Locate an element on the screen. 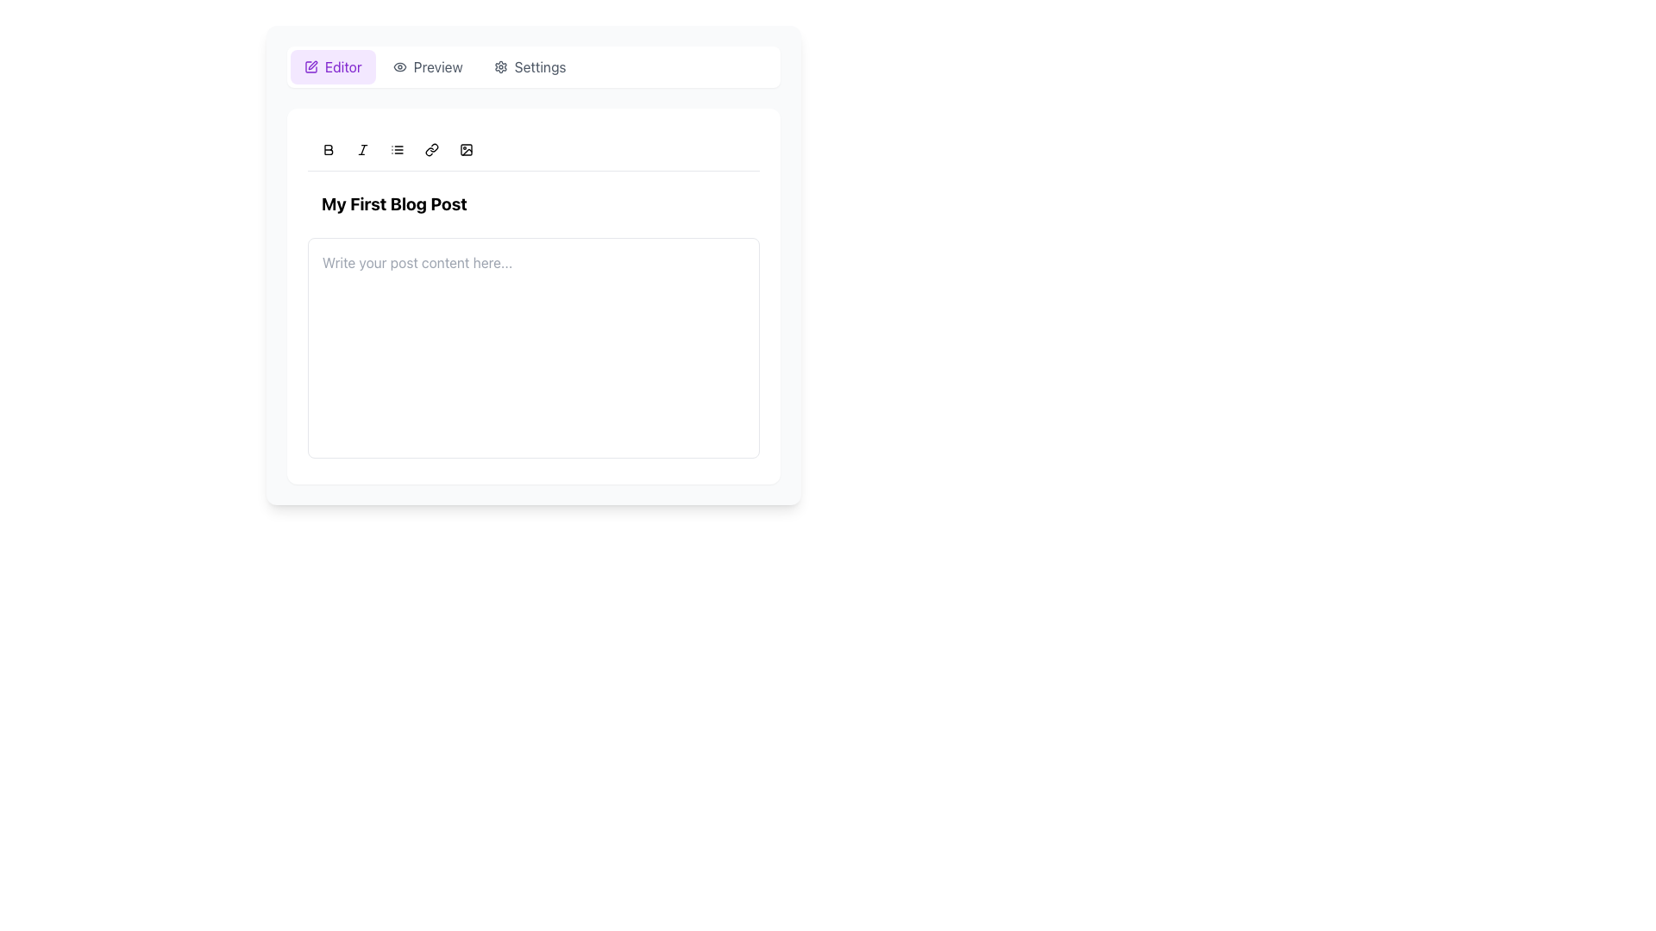 Image resolution: width=1656 pixels, height=931 pixels. the tooltip displaying the text 'Link', which has a dark gray background and is positioned above the link icon in the content editor's toolbar is located at coordinates (435, 139).